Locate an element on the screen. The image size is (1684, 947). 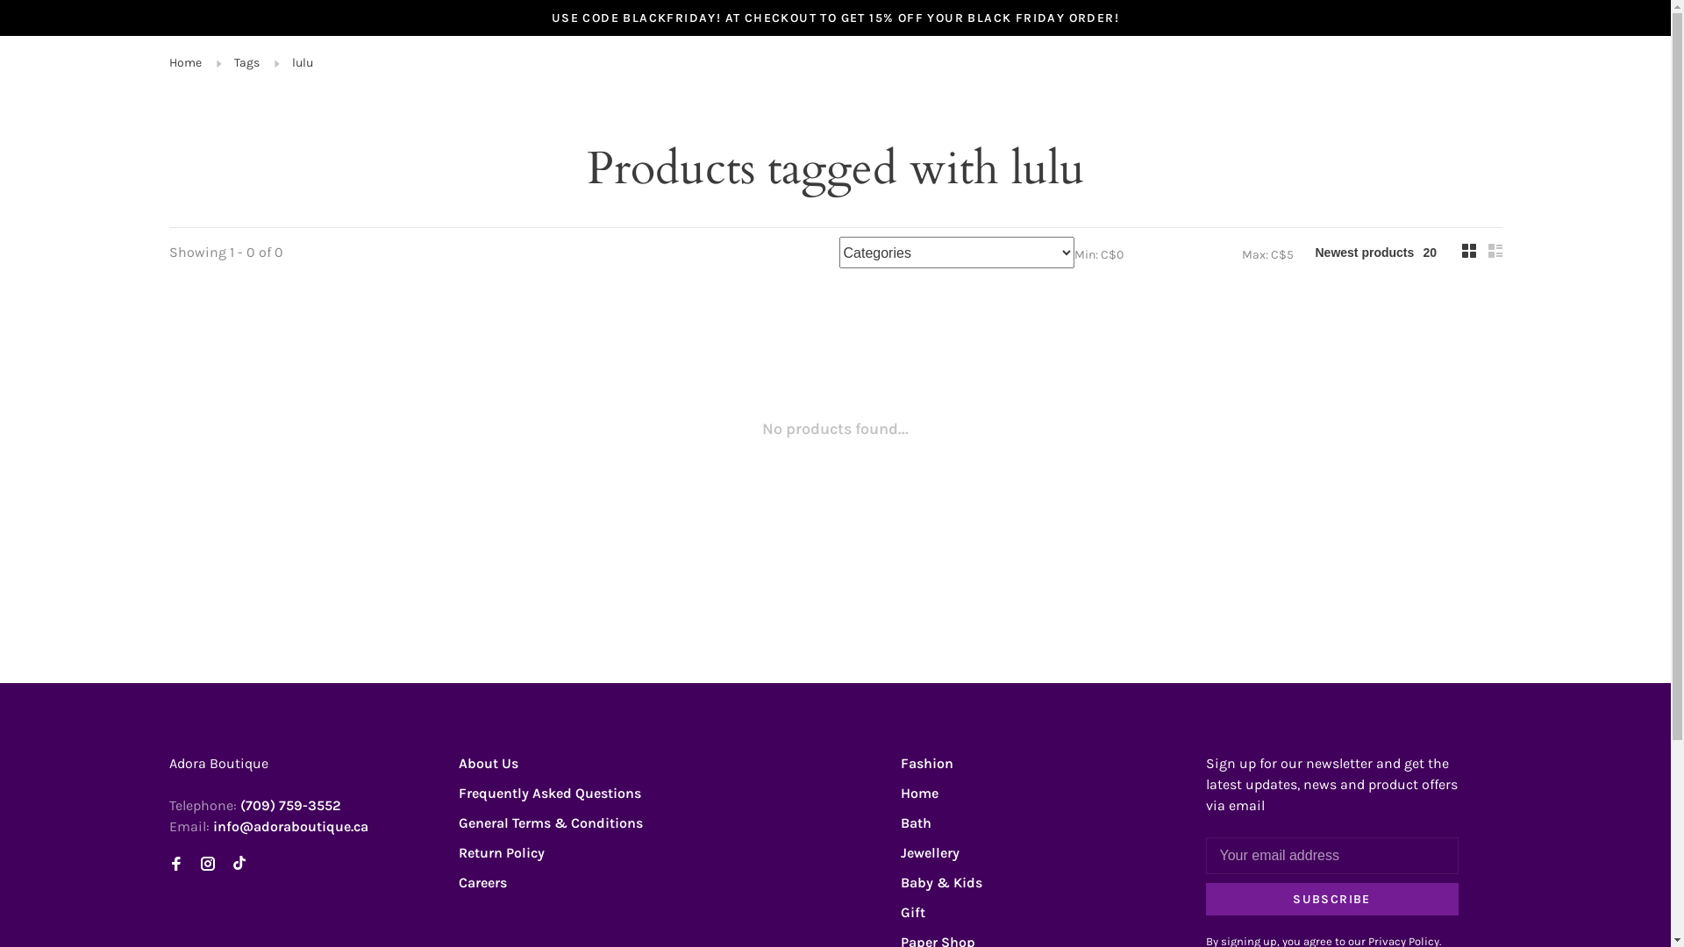
'Facebook' is located at coordinates (168, 864).